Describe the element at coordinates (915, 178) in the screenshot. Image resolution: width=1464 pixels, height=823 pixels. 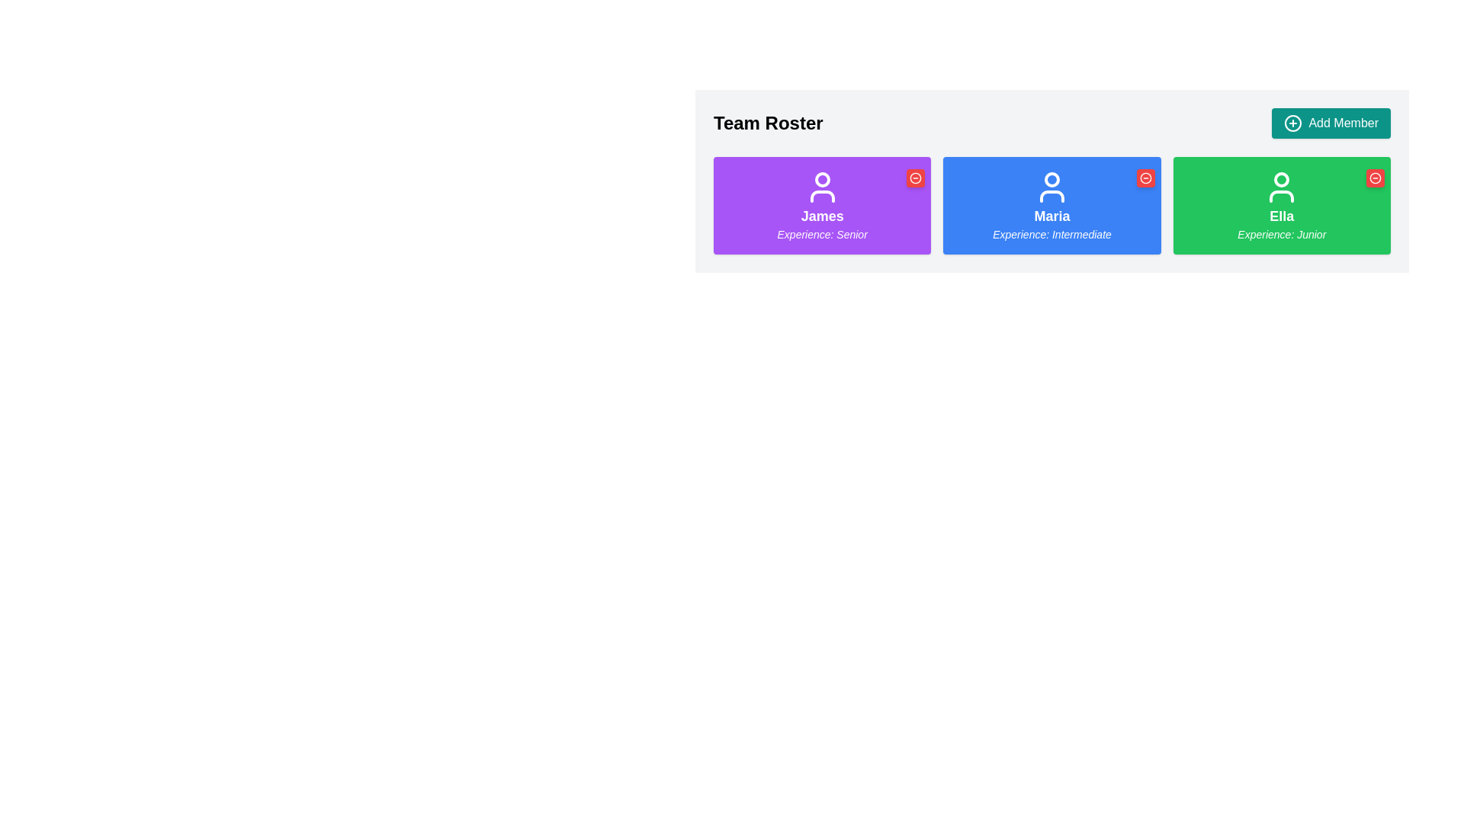
I see `the red rounded button with a minus sign icon located at the top-right corner of the purple card representing 'James'` at that location.